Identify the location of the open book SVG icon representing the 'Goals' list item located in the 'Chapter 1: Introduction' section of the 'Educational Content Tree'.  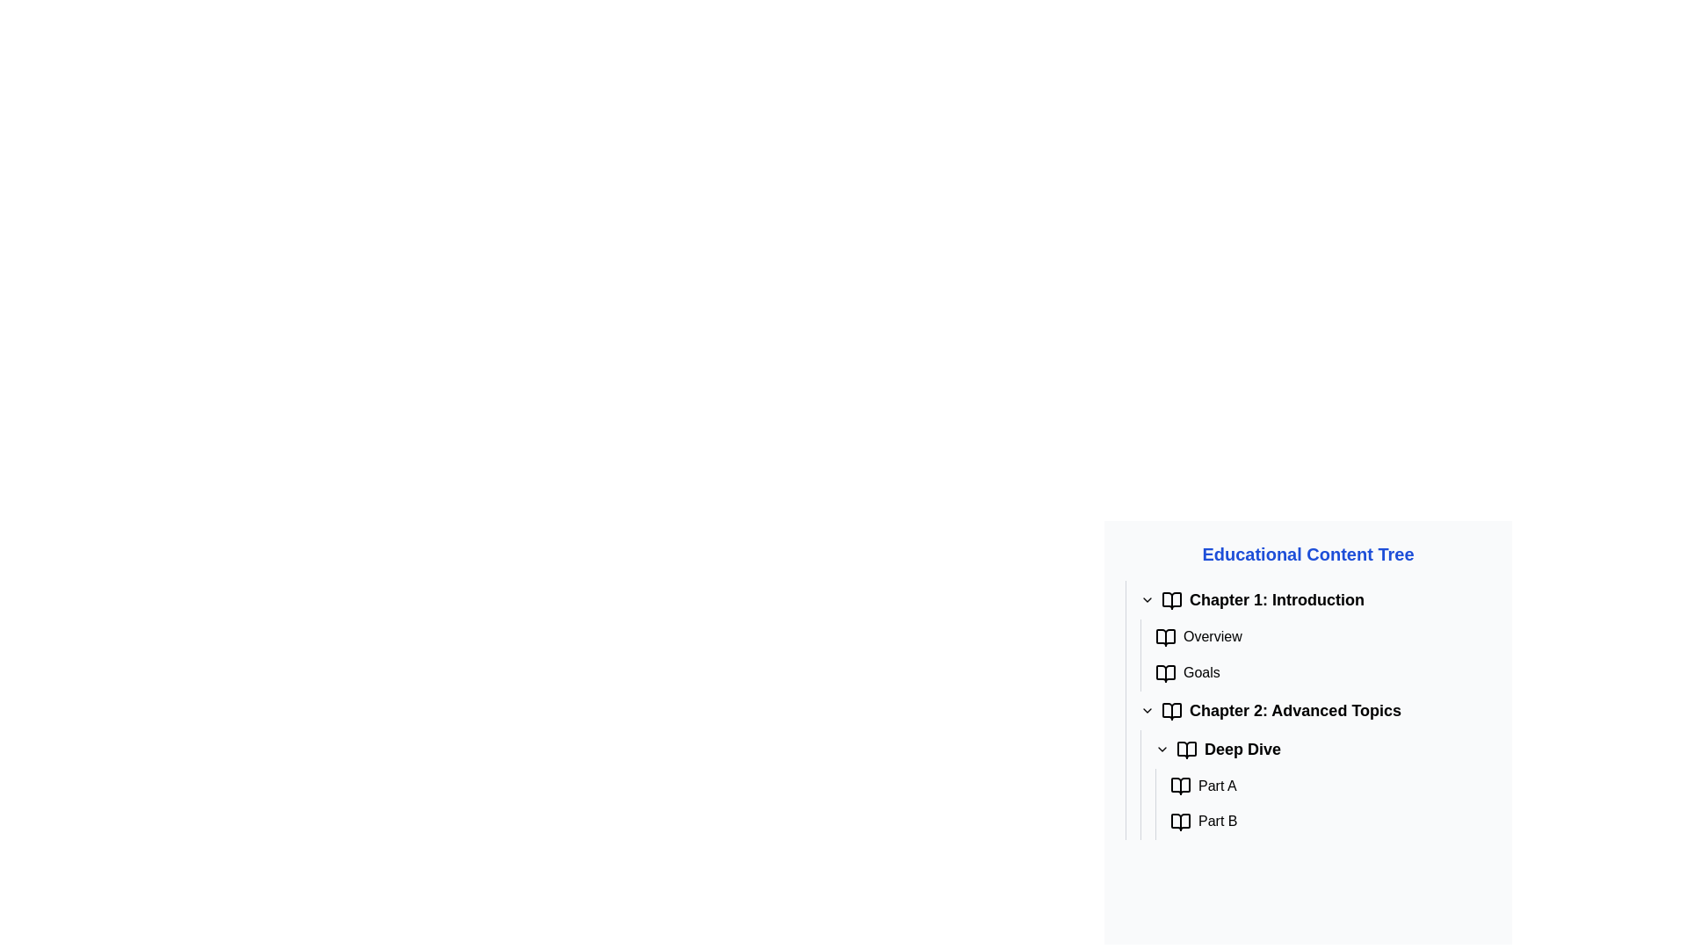
(1165, 672).